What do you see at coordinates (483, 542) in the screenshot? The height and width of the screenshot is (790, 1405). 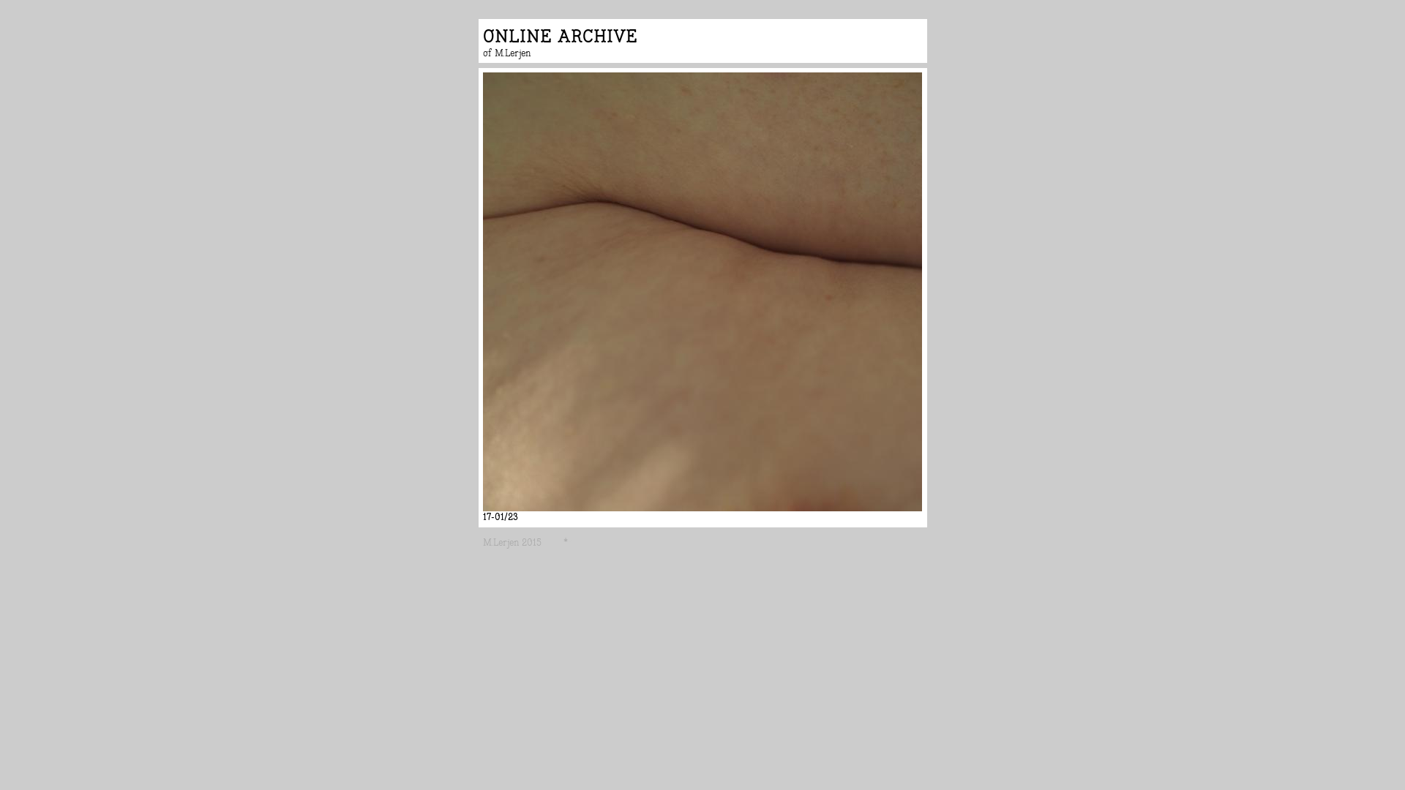 I see `'M.Lerjen 2015'` at bounding box center [483, 542].